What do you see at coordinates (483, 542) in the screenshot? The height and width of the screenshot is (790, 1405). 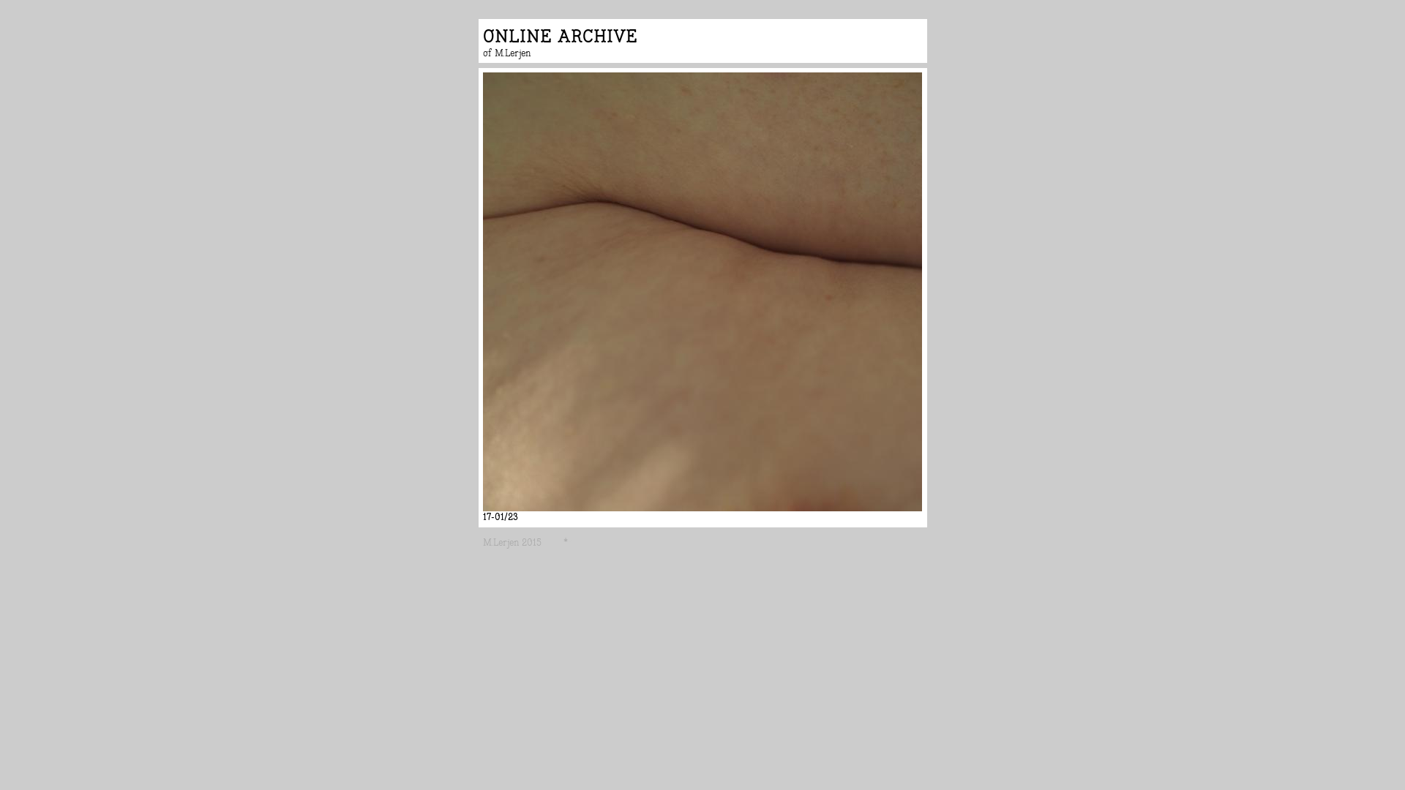 I see `'M.Lerjen 2015'` at bounding box center [483, 542].